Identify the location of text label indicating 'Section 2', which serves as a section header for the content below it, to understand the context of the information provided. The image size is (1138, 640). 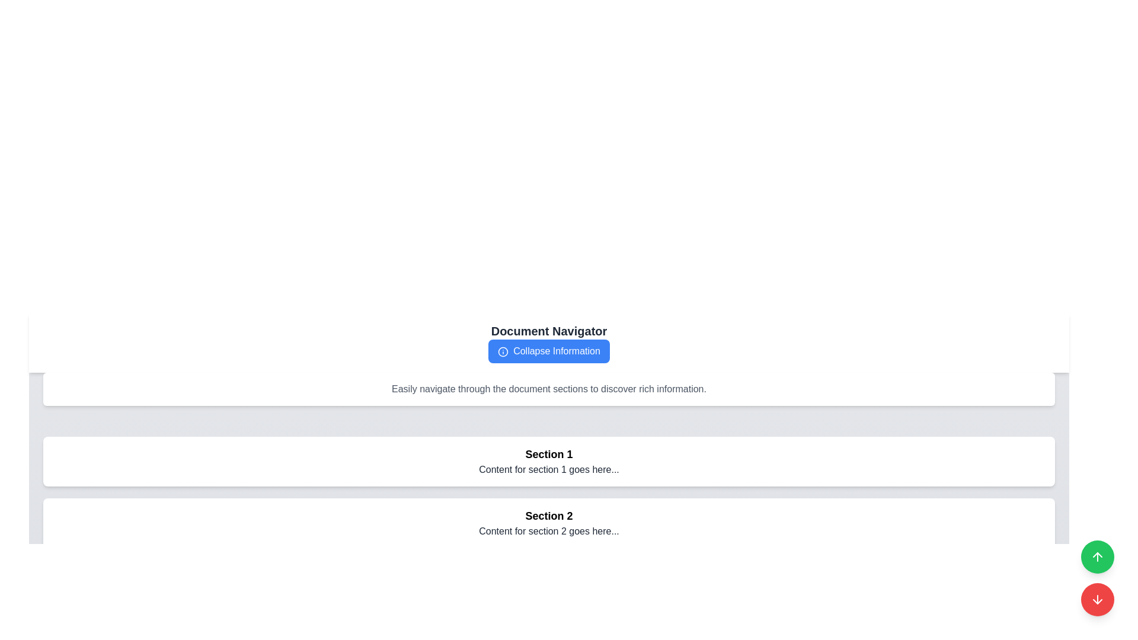
(548, 516).